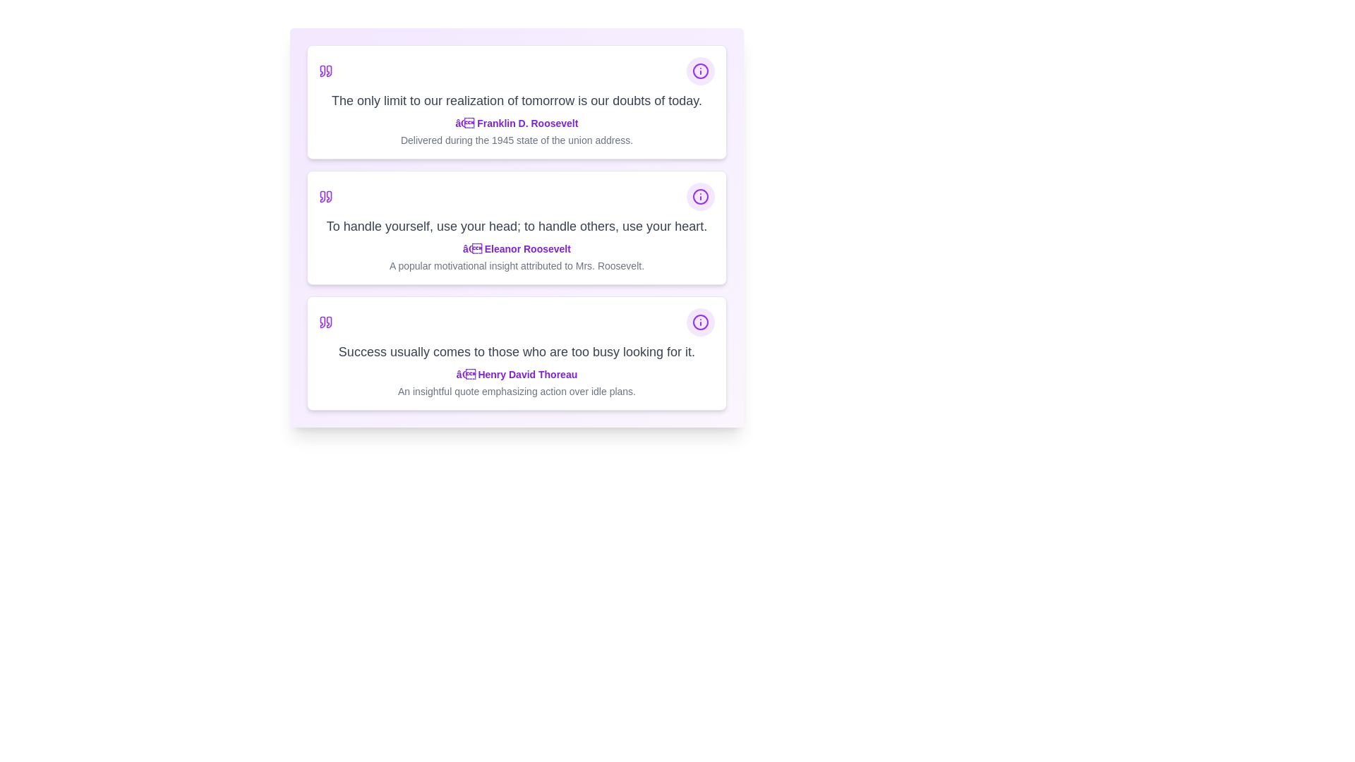 The image size is (1355, 762). What do you see at coordinates (516, 248) in the screenshot?
I see `the static text label reading "— Eleanor Roosevelt" that is displayed in a small, vibrant purple font and bold styling, located beneath a motivational quote in the second card of the page layout` at bounding box center [516, 248].